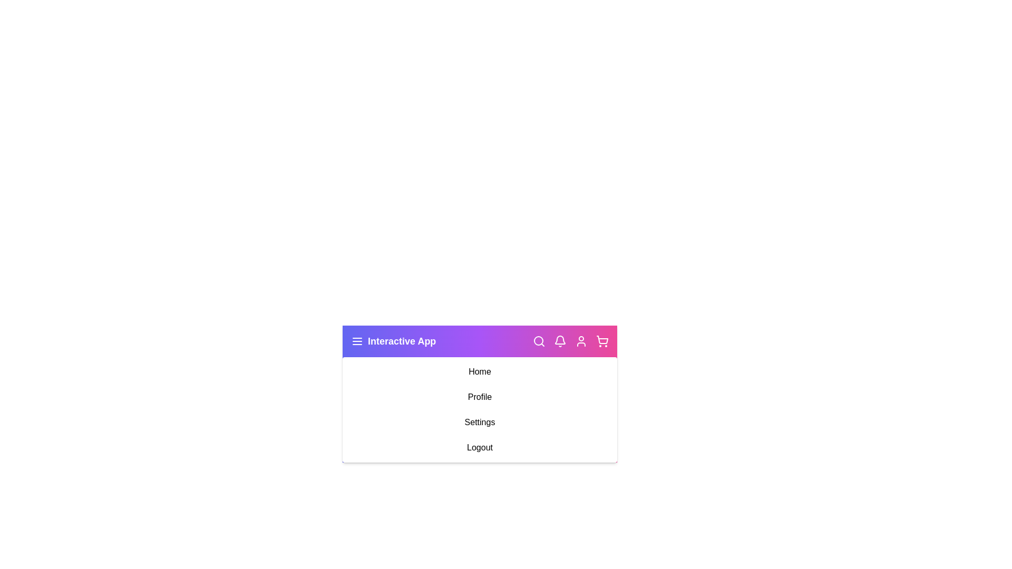 This screenshot has width=1012, height=569. Describe the element at coordinates (479, 422) in the screenshot. I see `the settings_menu to observe hover effects` at that location.